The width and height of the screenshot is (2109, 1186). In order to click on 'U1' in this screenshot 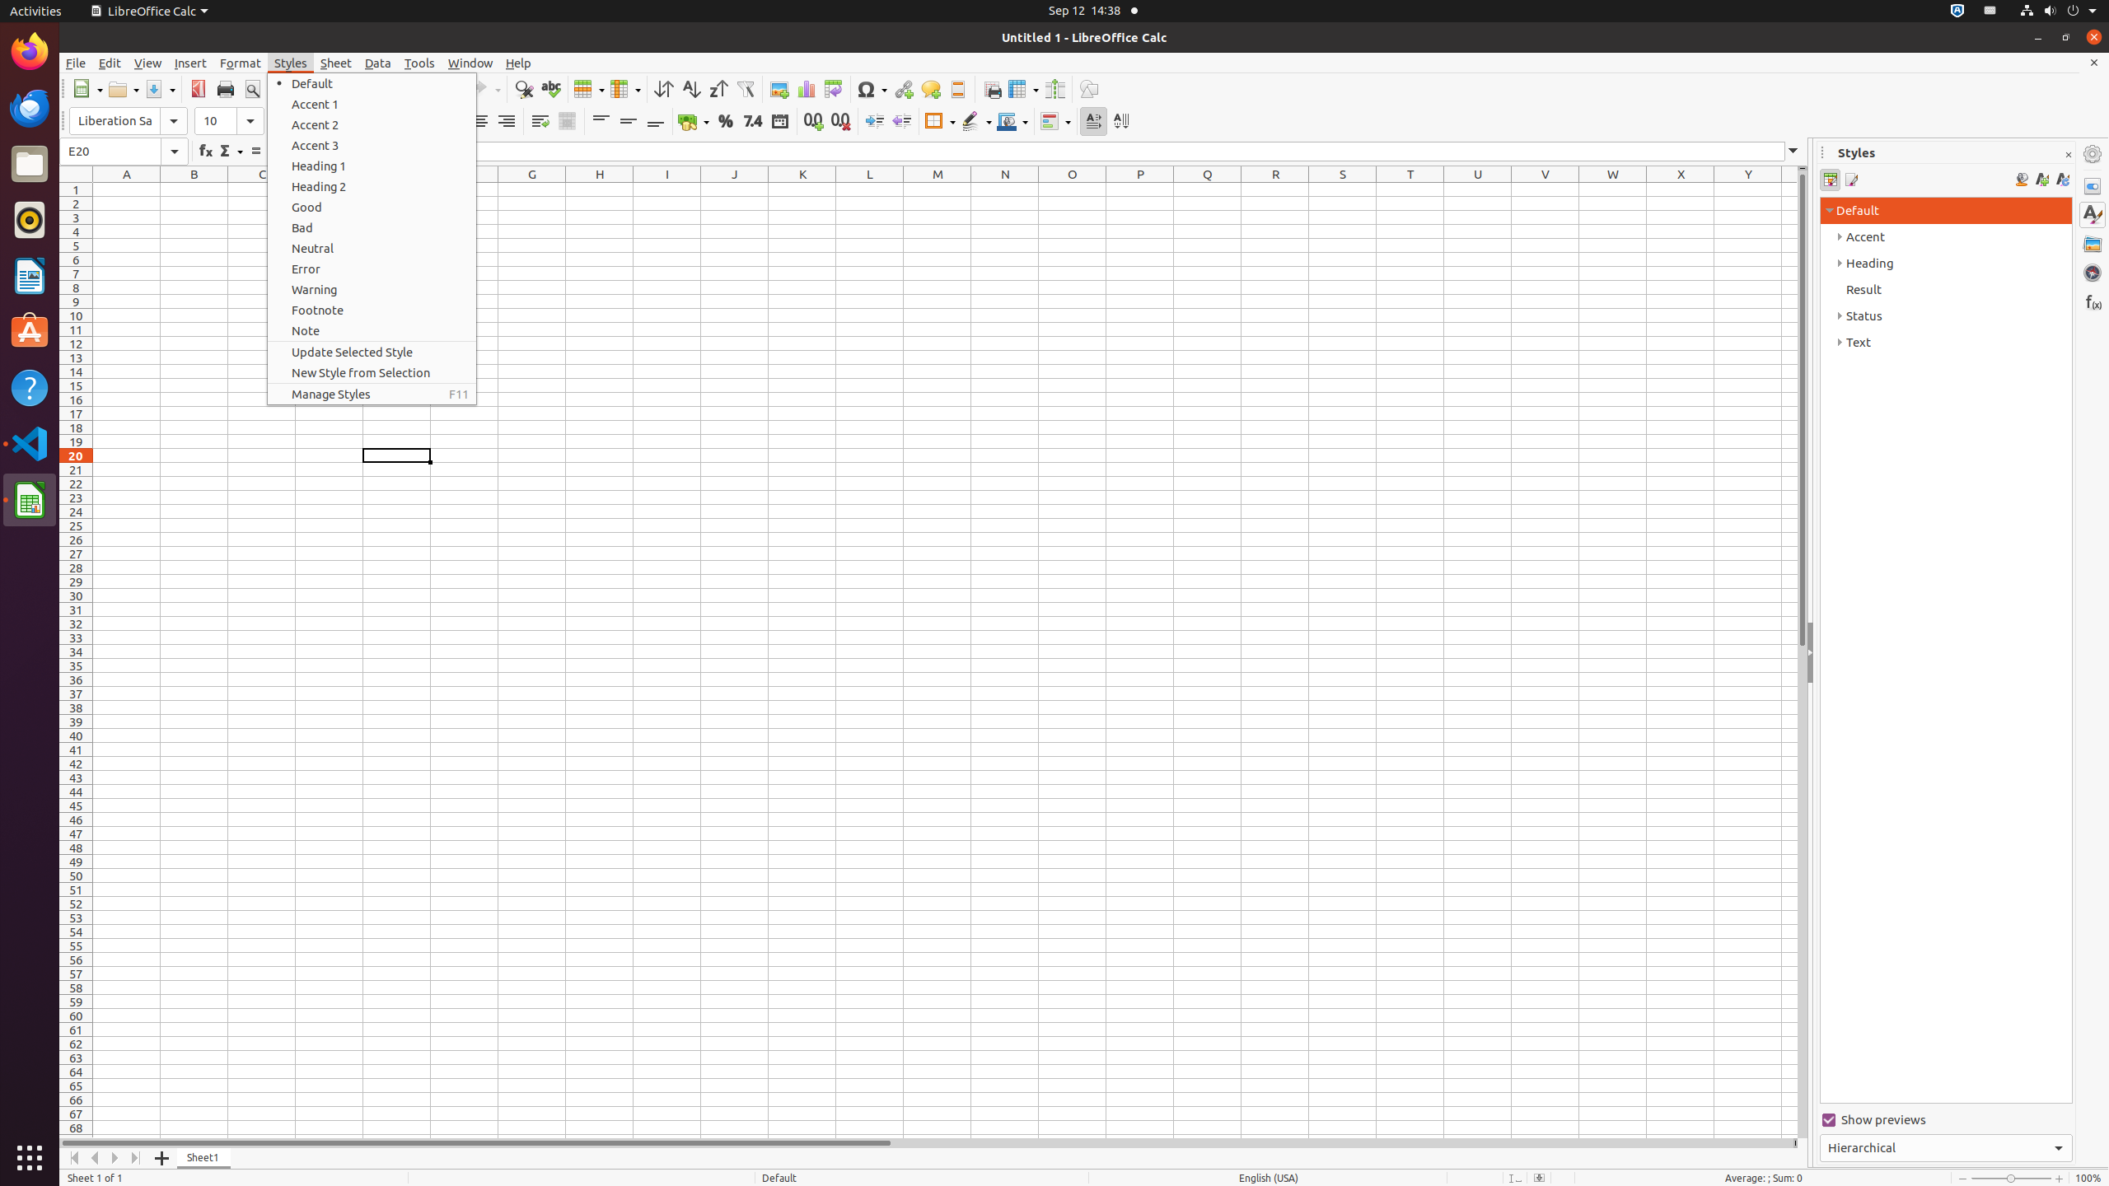, I will do `click(1477, 189)`.